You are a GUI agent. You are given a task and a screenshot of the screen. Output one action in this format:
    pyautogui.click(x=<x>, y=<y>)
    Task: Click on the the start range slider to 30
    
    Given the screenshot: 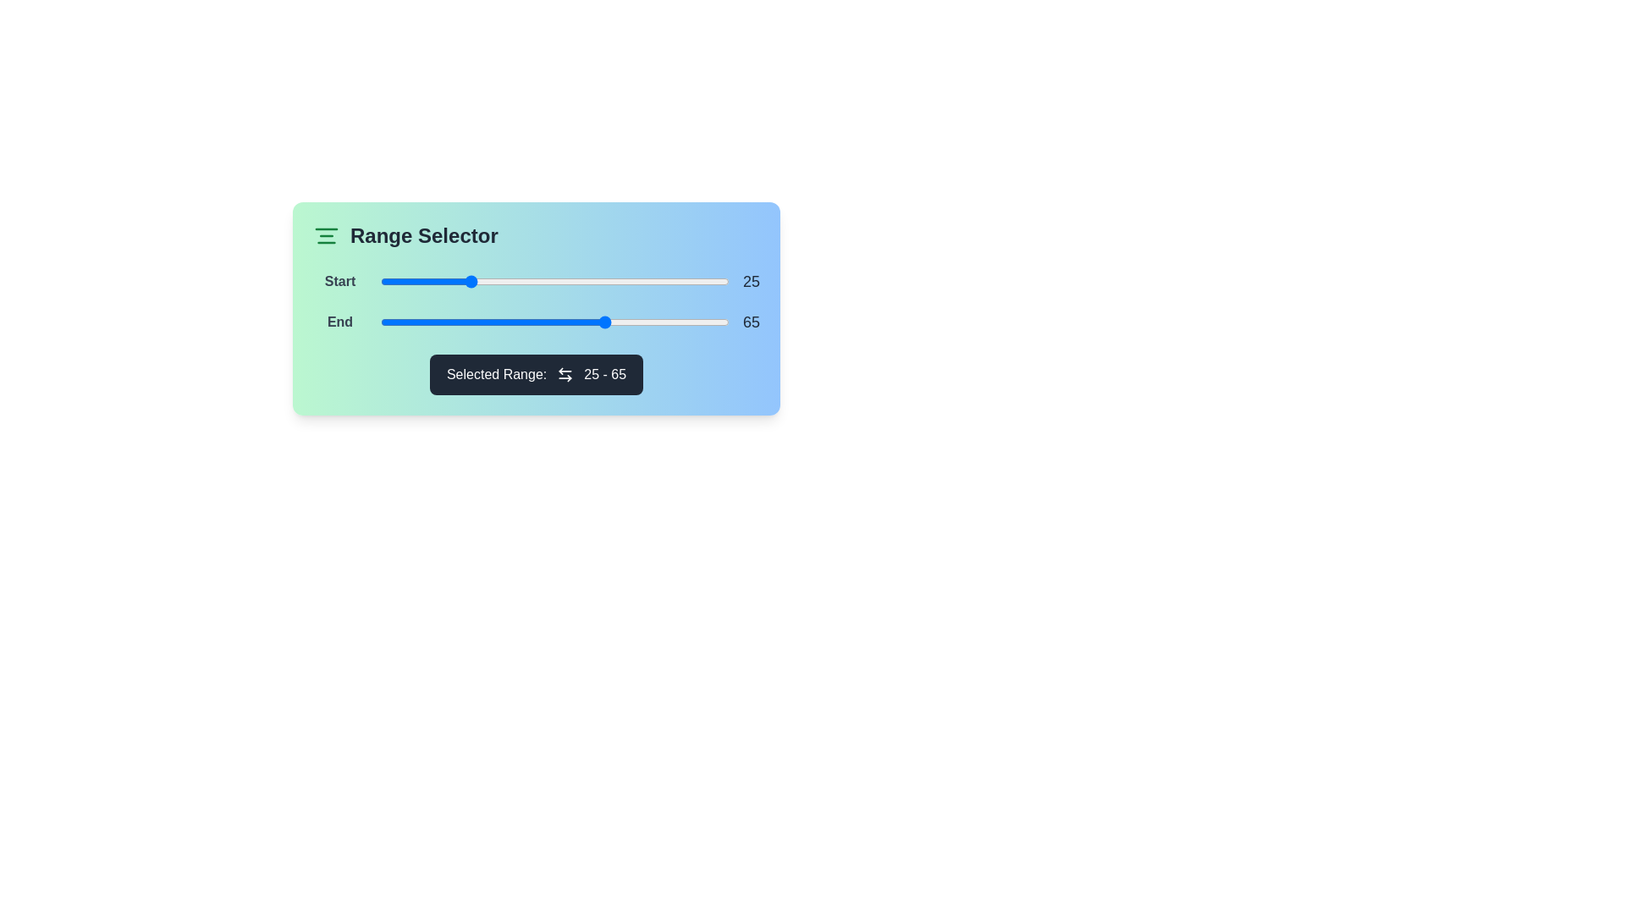 What is the action you would take?
    pyautogui.click(x=484, y=280)
    